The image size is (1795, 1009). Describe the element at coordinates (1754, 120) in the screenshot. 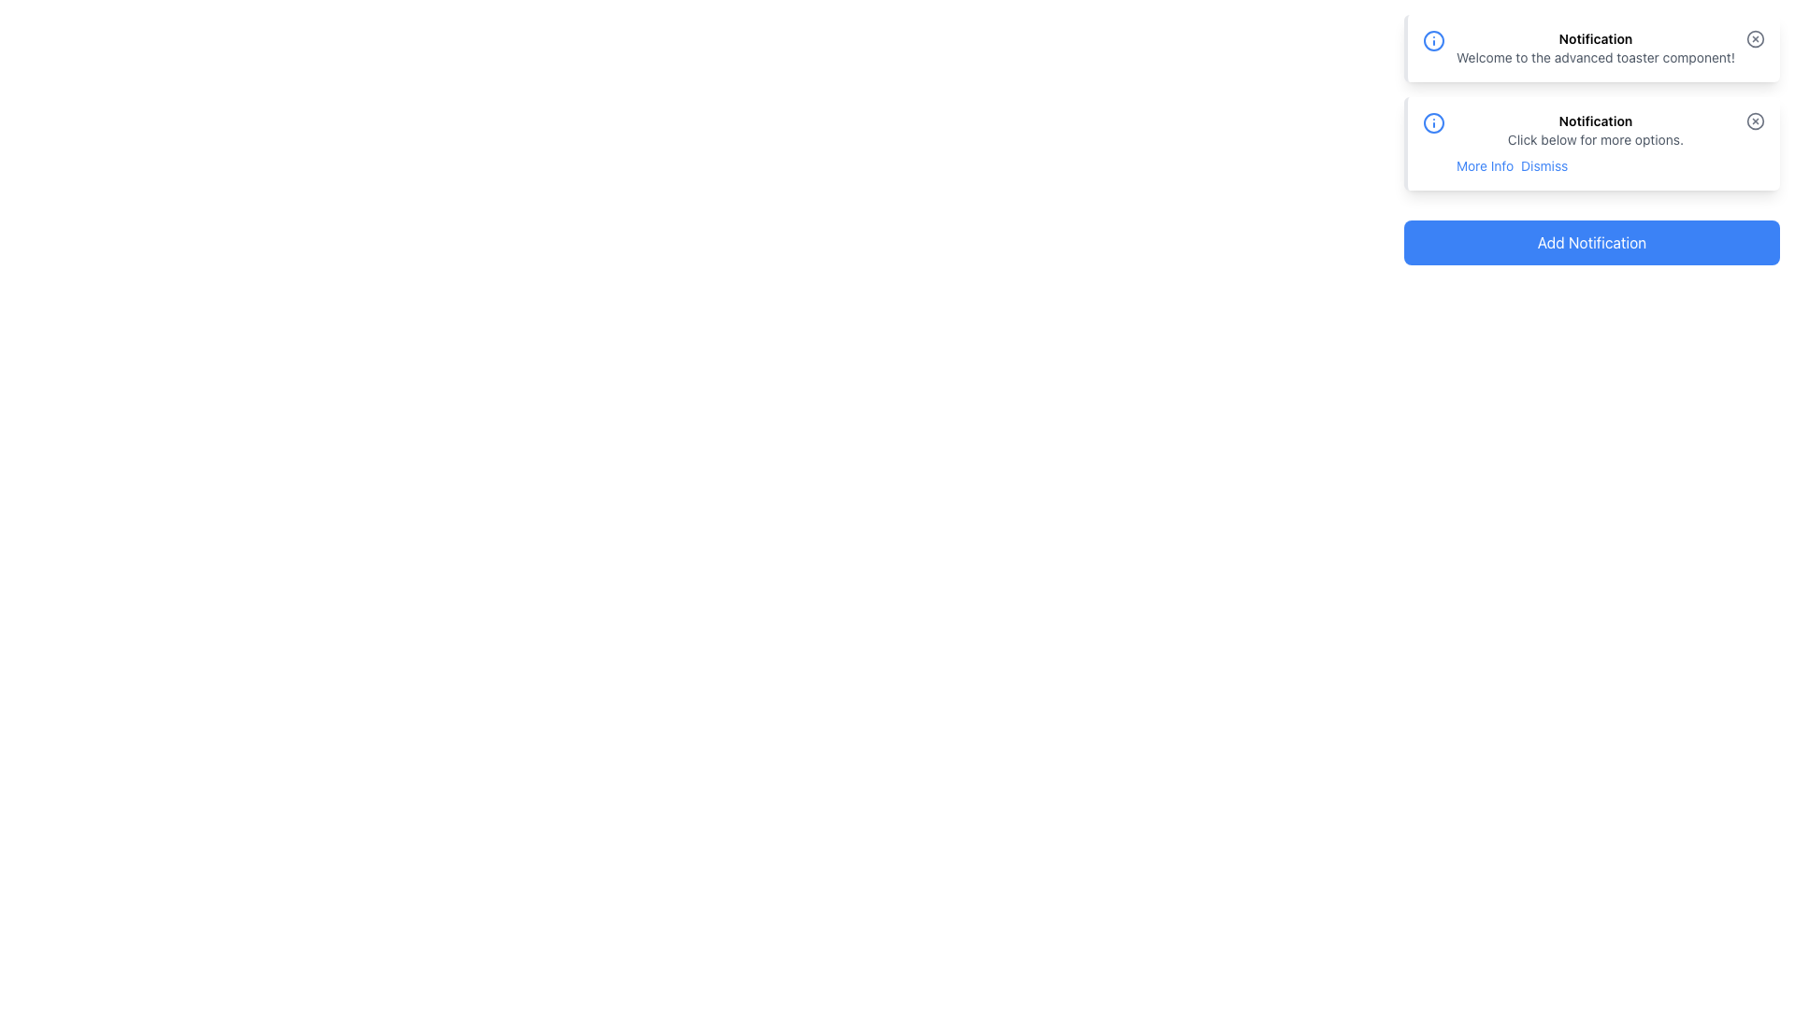

I see `the circular outline icon located in the middle-right part of the second notification panel, which indicates an action such as closing or dismissing a notification` at that location.